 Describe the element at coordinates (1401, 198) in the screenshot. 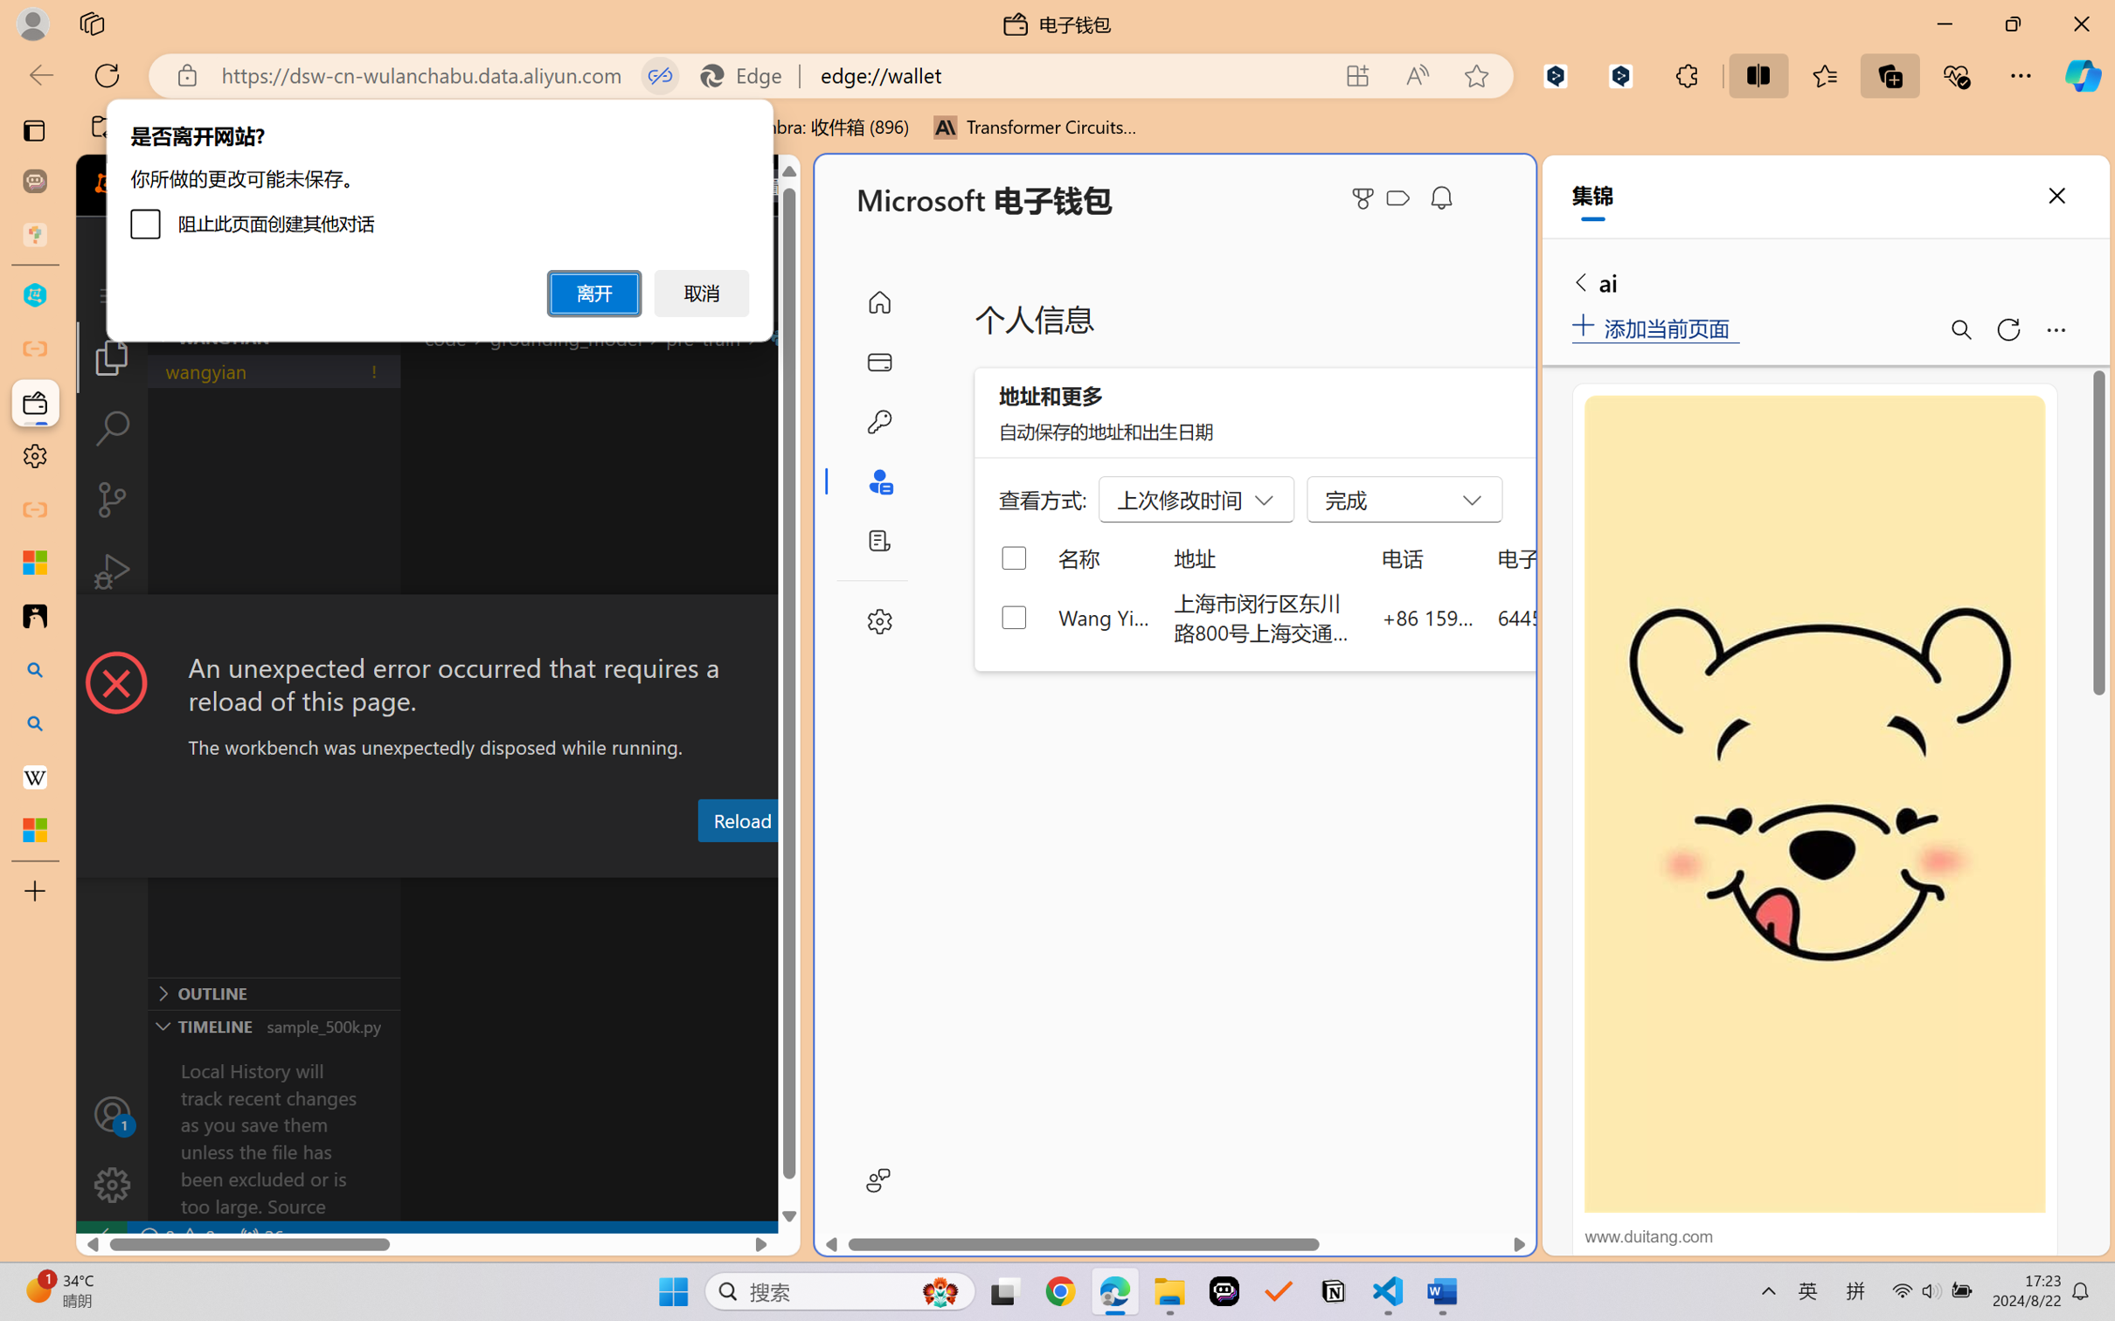

I see `'Microsoft Cashback'` at that location.